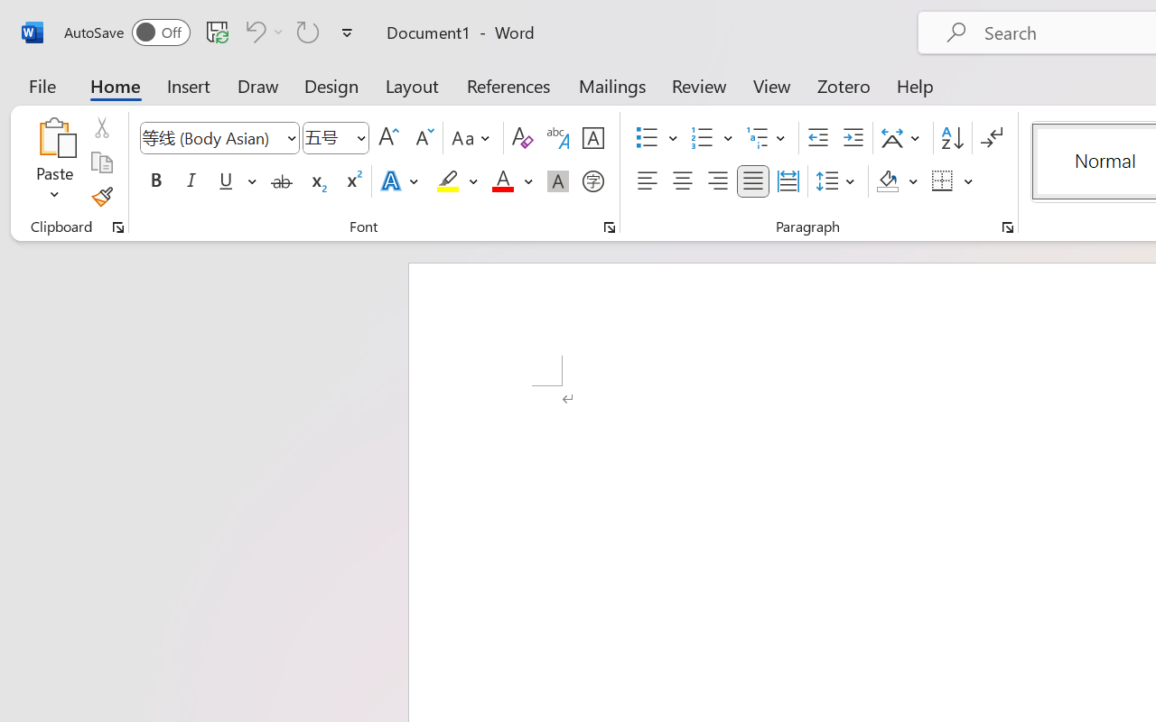 This screenshot has width=1156, height=722. Describe the element at coordinates (261, 31) in the screenshot. I see `'Can'` at that location.